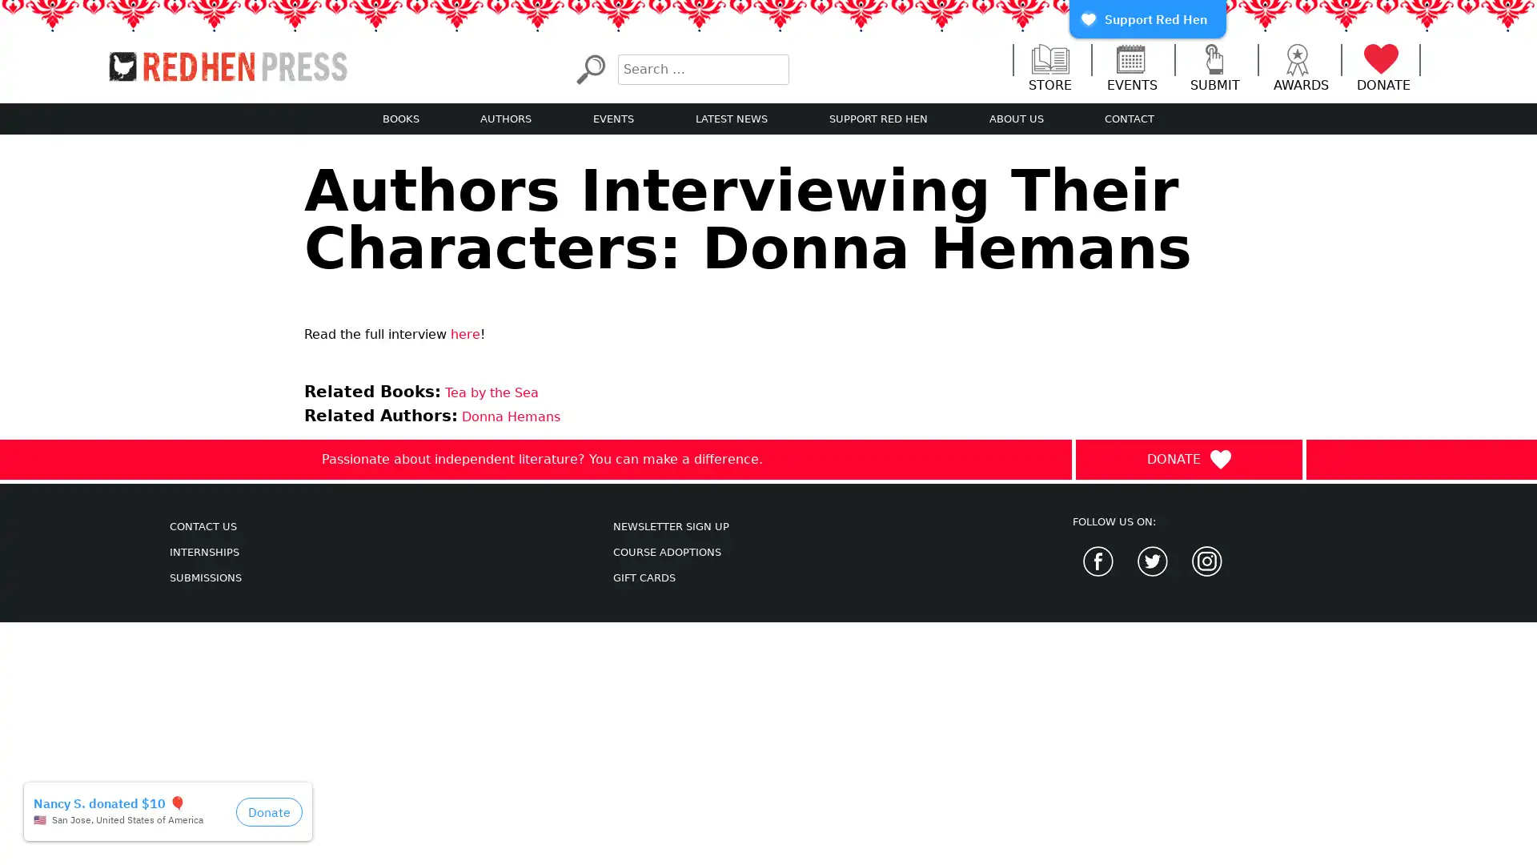 The width and height of the screenshot is (1537, 865). Describe the element at coordinates (589, 68) in the screenshot. I see `search icon` at that location.